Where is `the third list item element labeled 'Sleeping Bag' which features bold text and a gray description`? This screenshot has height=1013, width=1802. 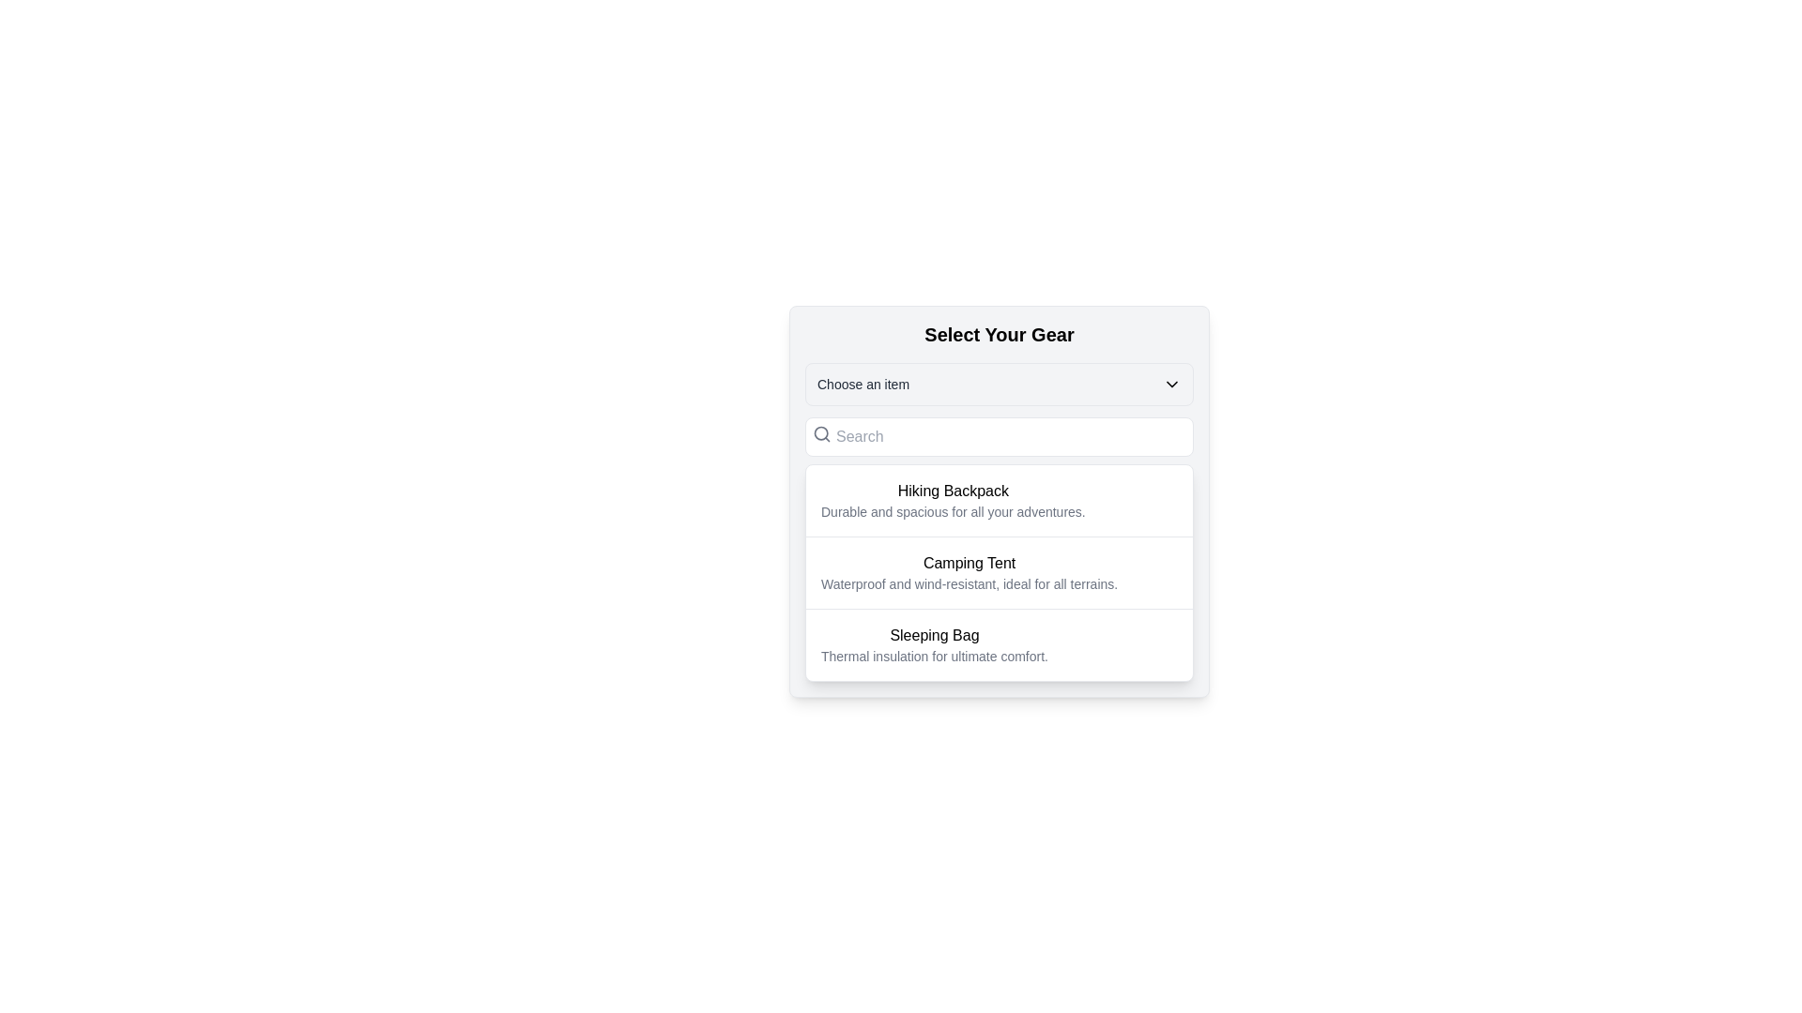 the third list item element labeled 'Sleeping Bag' which features bold text and a gray description is located at coordinates (999, 643).